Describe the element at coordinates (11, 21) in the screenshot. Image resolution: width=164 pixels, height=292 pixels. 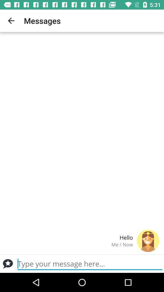
I see `app to the left of messages app` at that location.